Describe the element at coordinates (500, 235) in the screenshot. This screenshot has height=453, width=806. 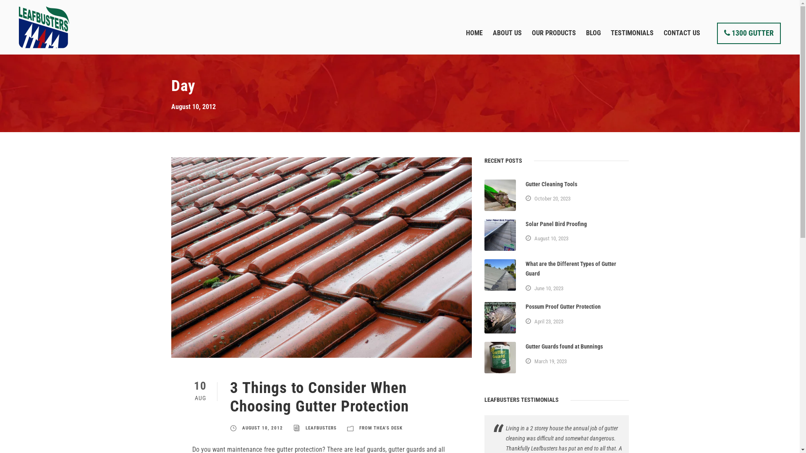
I see `'Solar Panel Bird Proofing'` at that location.